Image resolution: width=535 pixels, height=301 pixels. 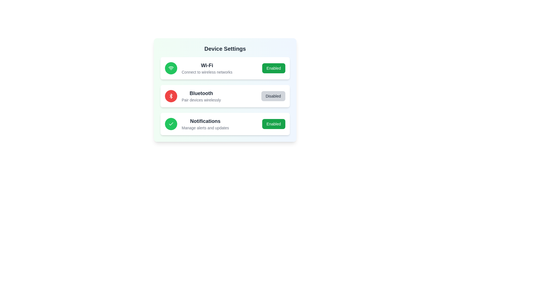 What do you see at coordinates (207, 65) in the screenshot?
I see `the setting name Wi-Fi to focus or highlight its text` at bounding box center [207, 65].